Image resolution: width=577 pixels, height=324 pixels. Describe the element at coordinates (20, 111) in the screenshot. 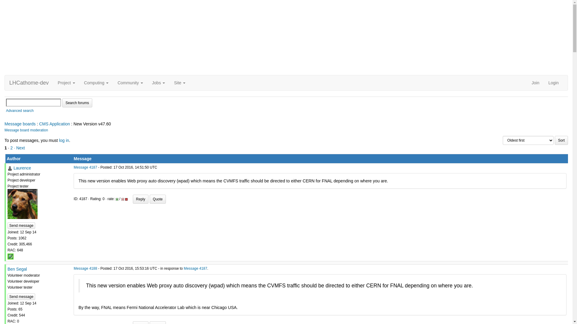

I see `'Advanced search'` at that location.